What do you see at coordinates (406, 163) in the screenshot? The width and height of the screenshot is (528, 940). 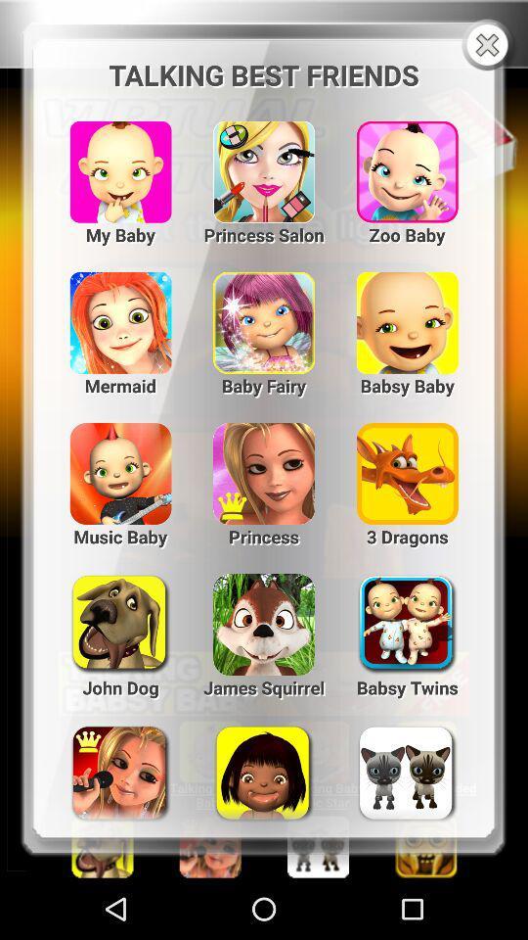 I see `third icon of first column` at bounding box center [406, 163].